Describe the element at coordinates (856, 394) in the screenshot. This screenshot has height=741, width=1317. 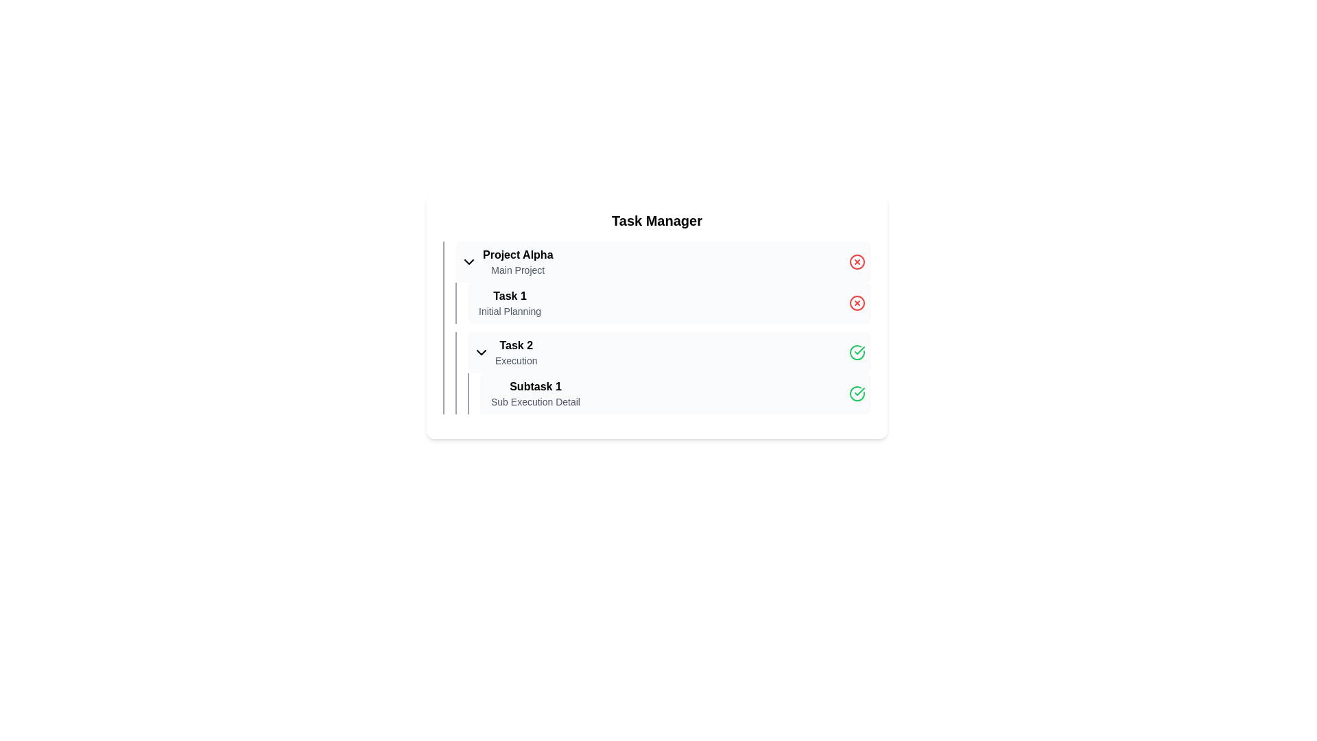
I see `the circular icon with a green border and white checkmark, located at the far right side of the row labeled 'Subtask 1'` at that location.